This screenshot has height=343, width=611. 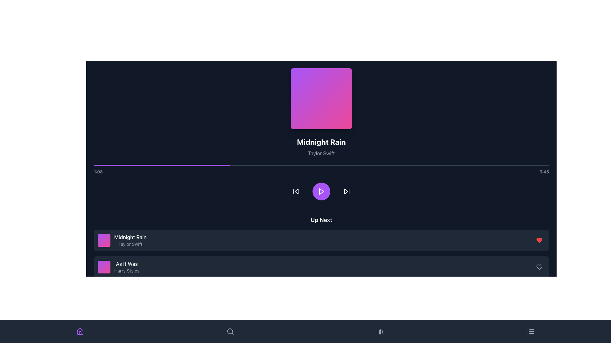 What do you see at coordinates (104, 267) in the screenshot?
I see `the leftmost graphical placeholder in the bottom section of the interface, which is a square gradient-filled component transitioning from purple to pink and has rounded corners` at bounding box center [104, 267].